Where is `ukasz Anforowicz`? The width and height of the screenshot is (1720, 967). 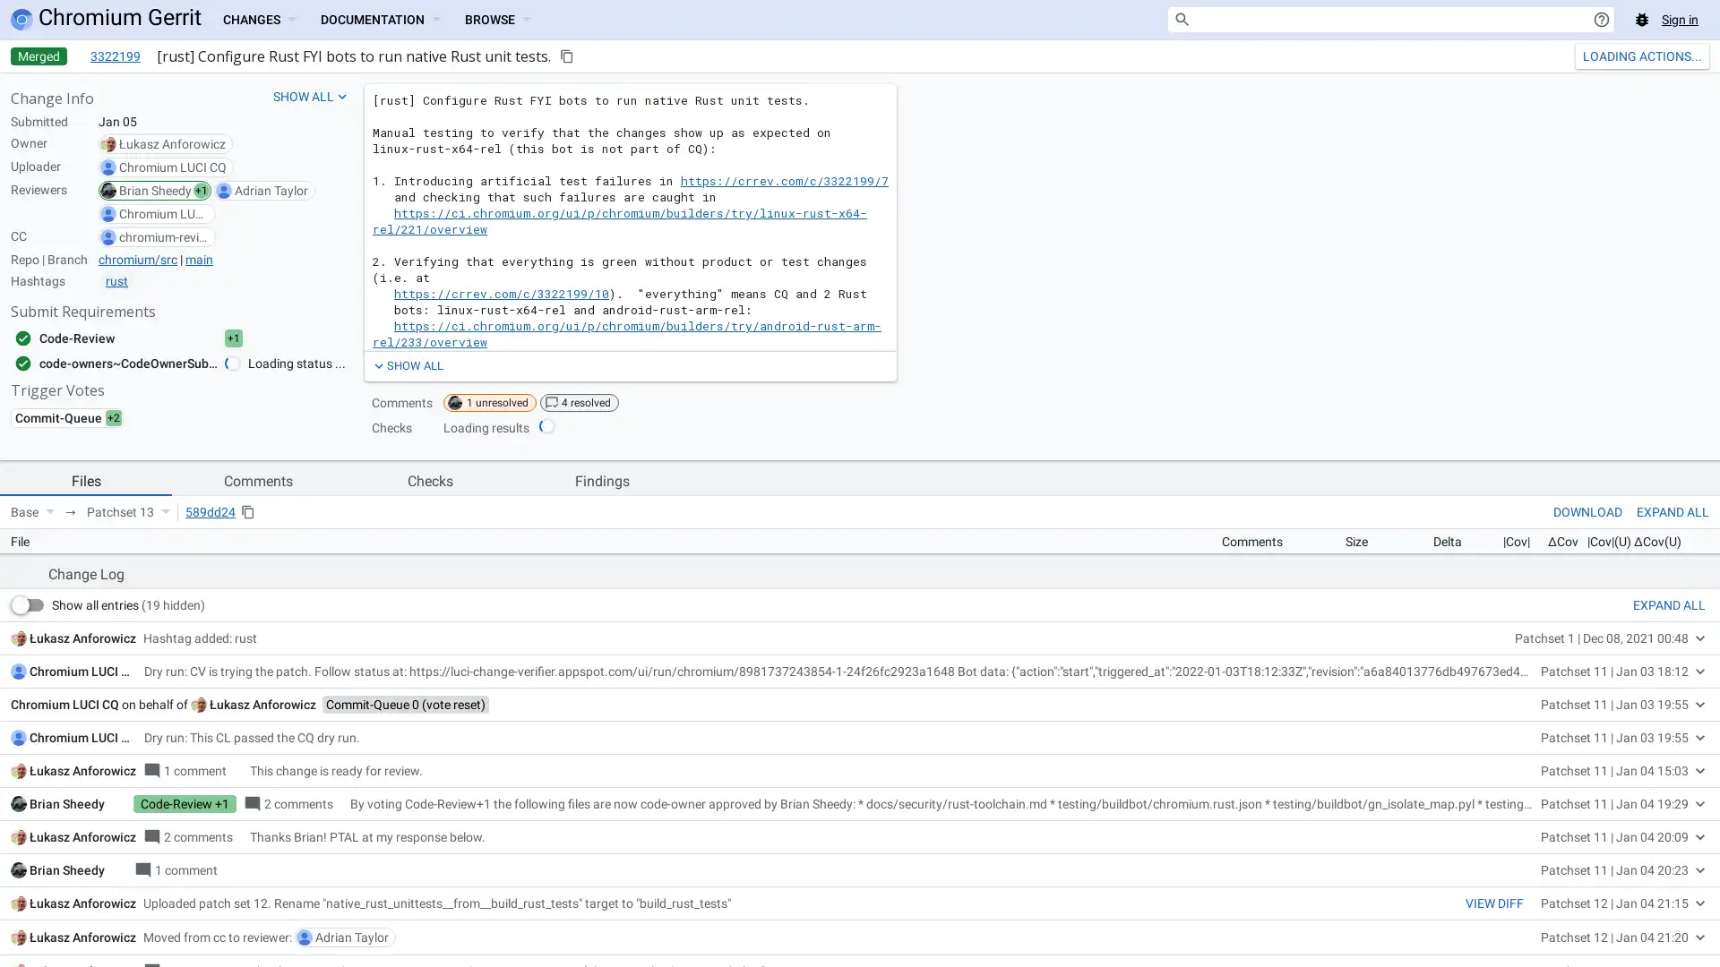 ukasz Anforowicz is located at coordinates (172, 143).